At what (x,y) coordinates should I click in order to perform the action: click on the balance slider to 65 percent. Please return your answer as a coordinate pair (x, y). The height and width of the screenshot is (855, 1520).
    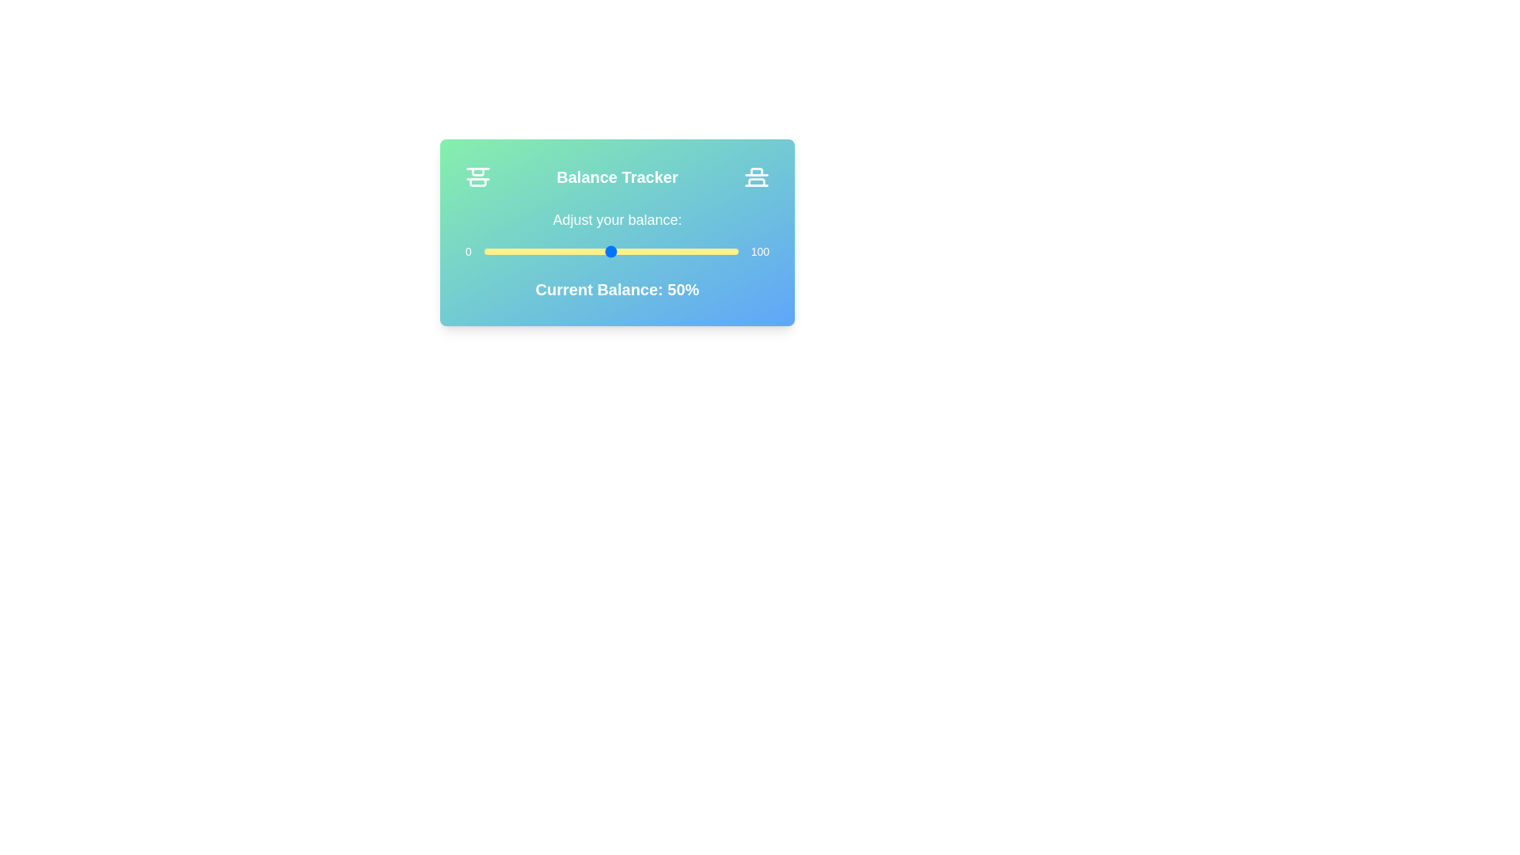
    Looking at the image, I should click on (649, 250).